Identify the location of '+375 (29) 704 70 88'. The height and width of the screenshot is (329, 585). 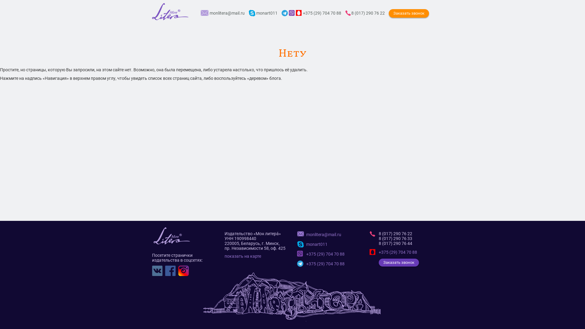
(297, 264).